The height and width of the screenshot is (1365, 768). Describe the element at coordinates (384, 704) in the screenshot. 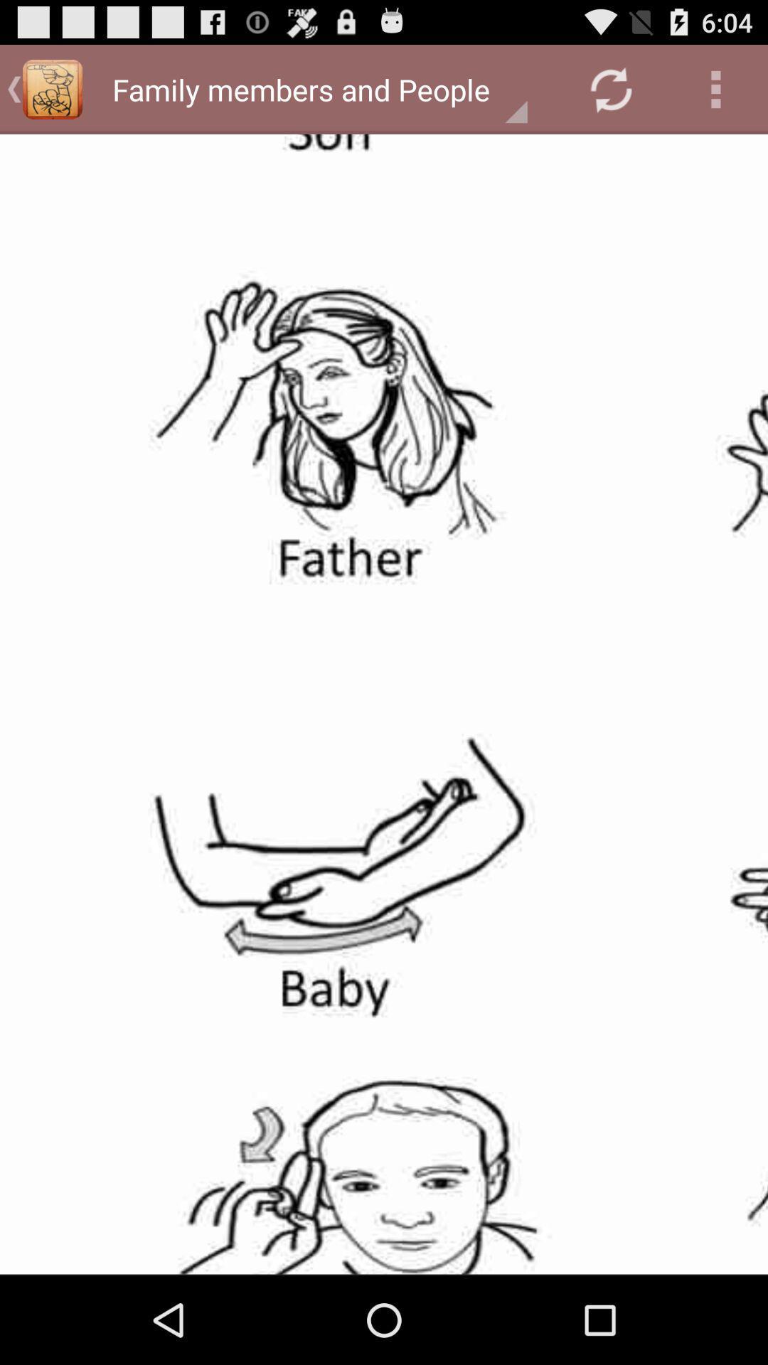

I see `open the page` at that location.